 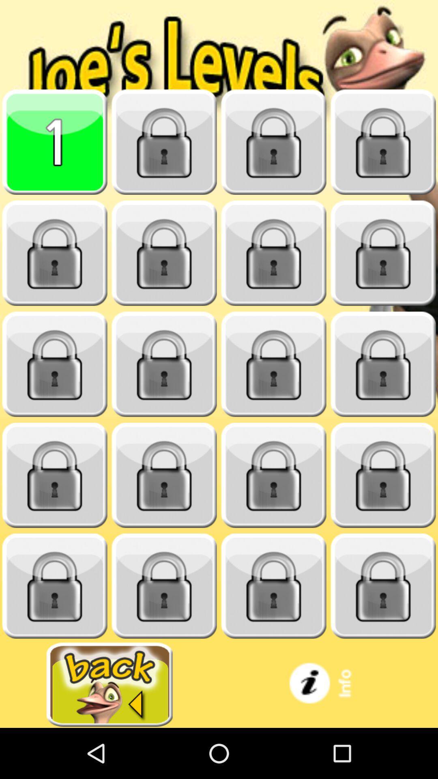 I want to click on level, so click(x=383, y=586).